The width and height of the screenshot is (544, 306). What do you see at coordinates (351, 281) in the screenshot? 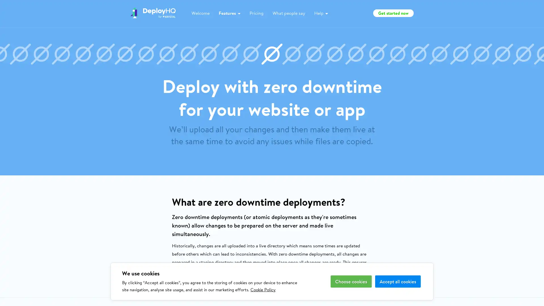
I see `Choose cookies` at bounding box center [351, 281].